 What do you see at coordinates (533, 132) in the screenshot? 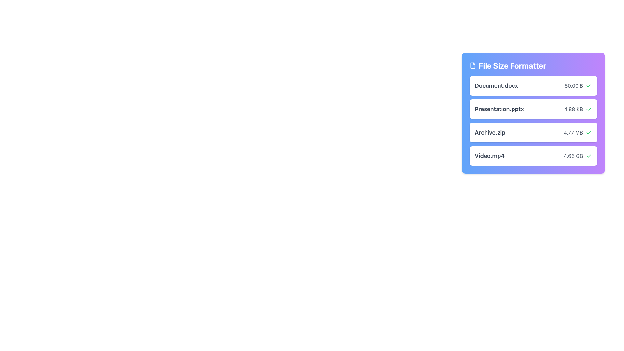
I see `the third card labeled 'Archive.zip'` at bounding box center [533, 132].